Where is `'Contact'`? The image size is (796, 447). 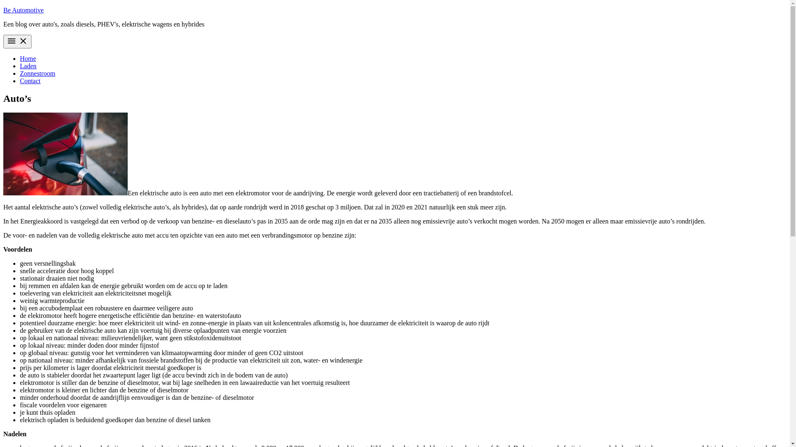
'Contact' is located at coordinates (30, 81).